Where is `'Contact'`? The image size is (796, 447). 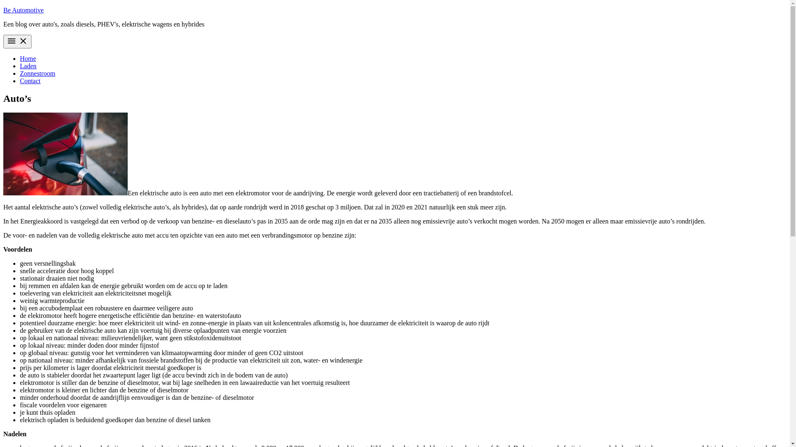
'Contact' is located at coordinates (30, 81).